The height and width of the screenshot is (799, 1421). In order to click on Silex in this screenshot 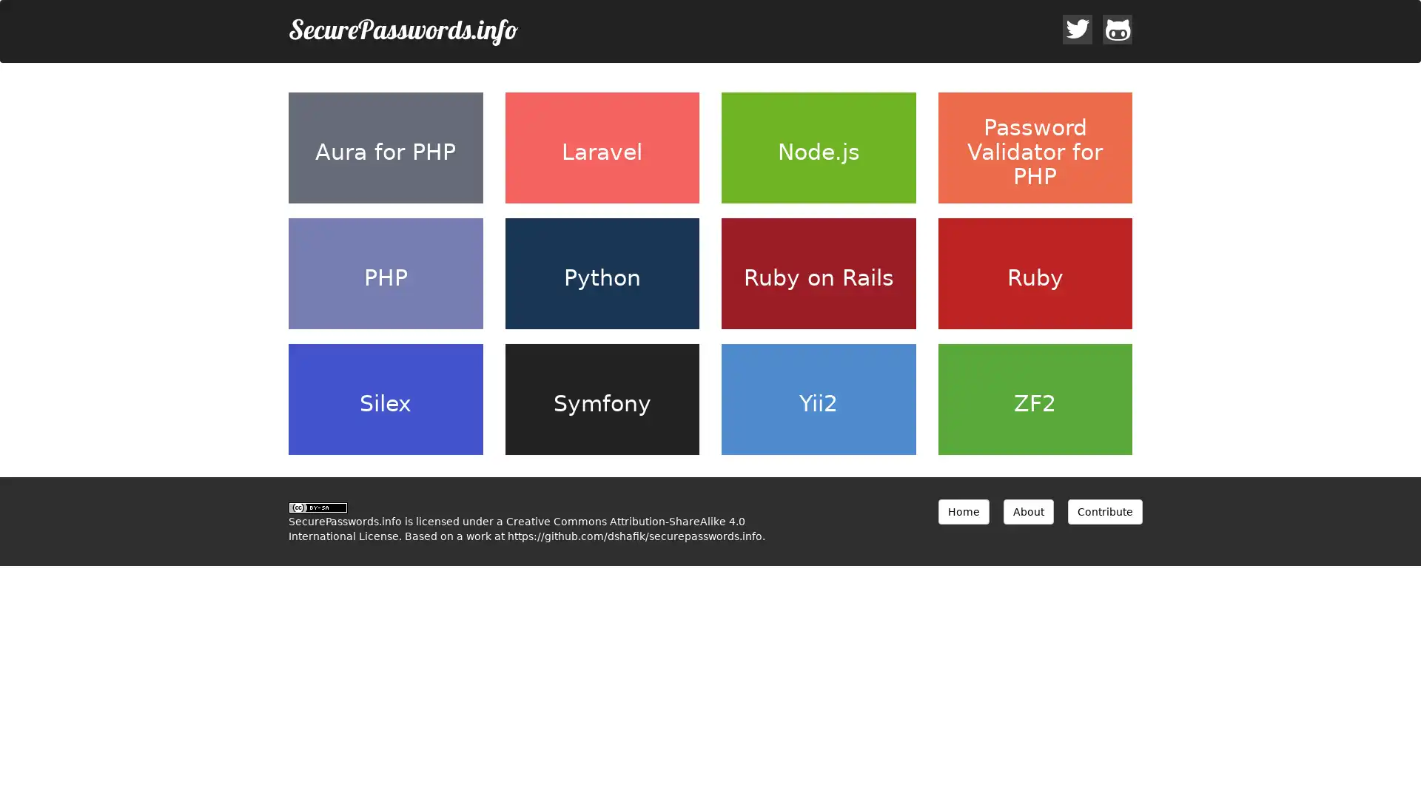, I will do `click(386, 399)`.